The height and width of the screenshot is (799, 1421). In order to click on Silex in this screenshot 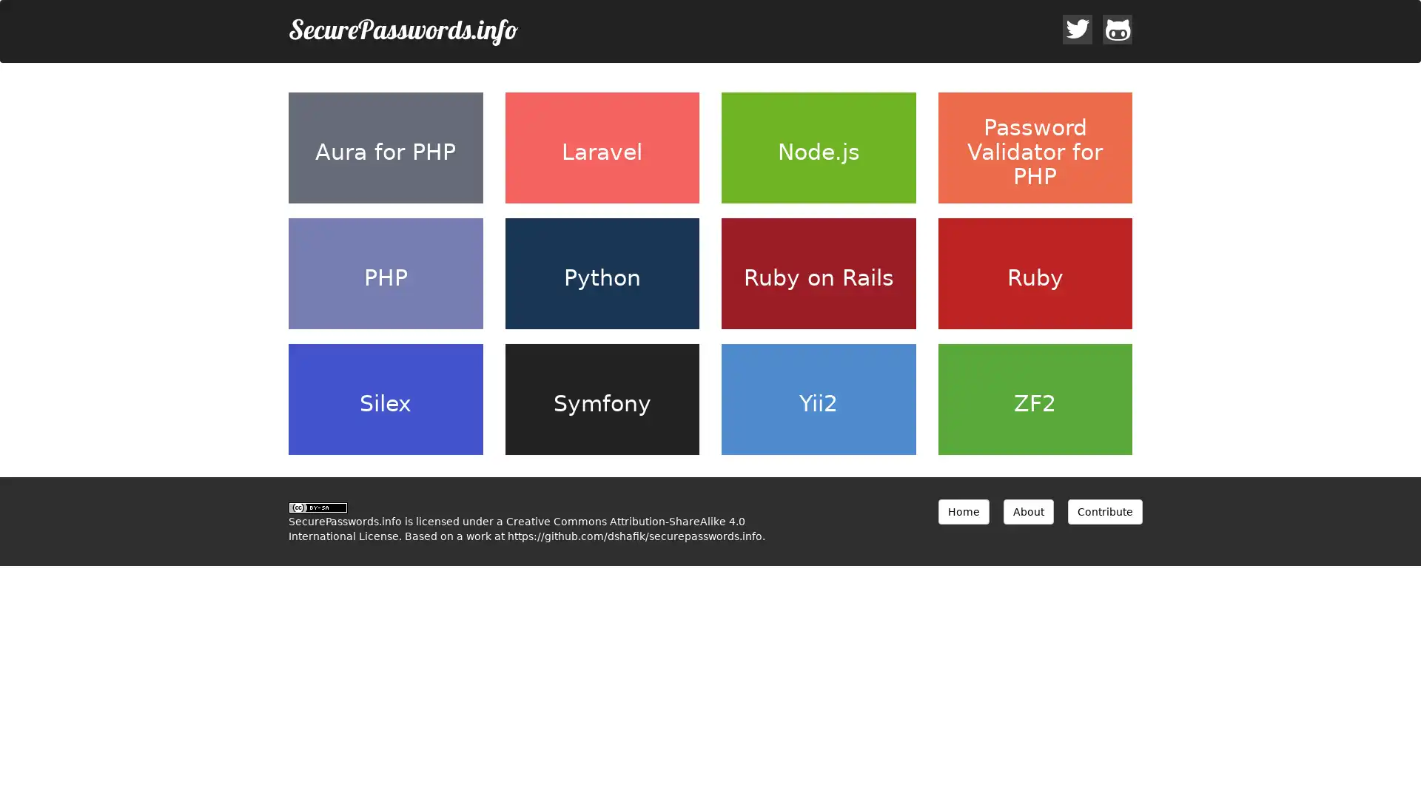, I will do `click(386, 399)`.